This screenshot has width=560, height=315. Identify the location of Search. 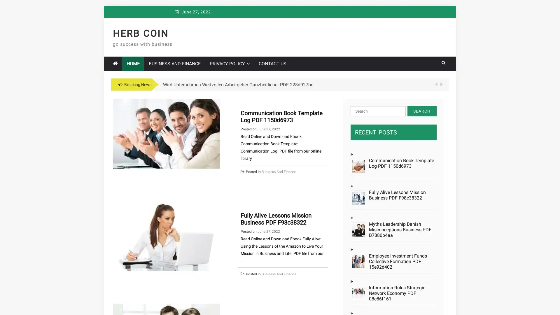
(421, 111).